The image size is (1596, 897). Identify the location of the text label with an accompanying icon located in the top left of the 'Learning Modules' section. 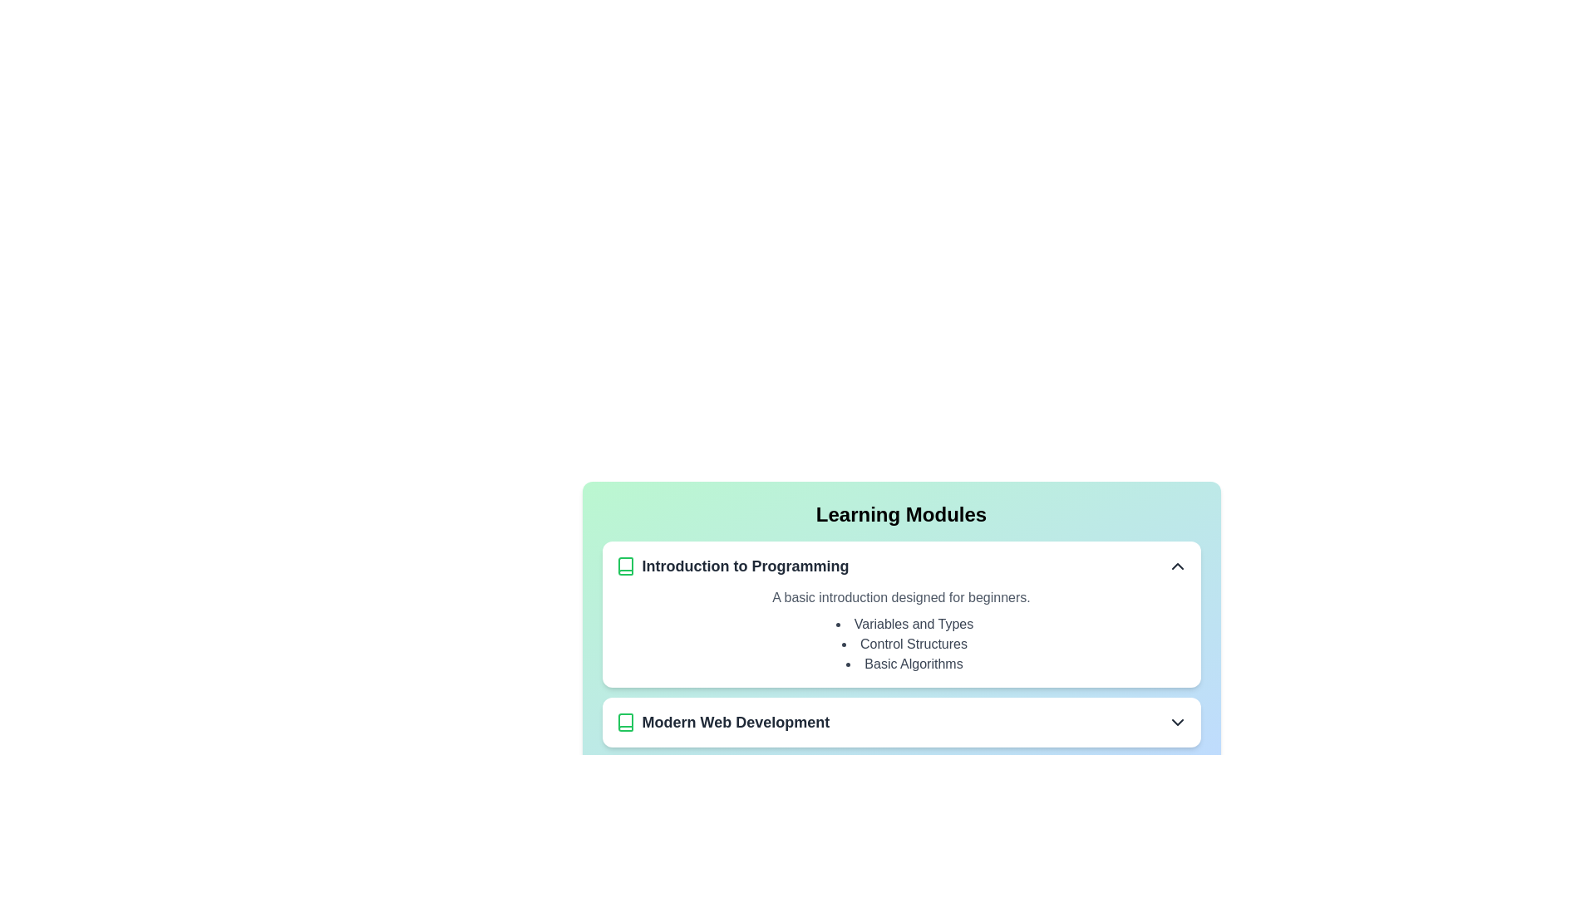
(731, 566).